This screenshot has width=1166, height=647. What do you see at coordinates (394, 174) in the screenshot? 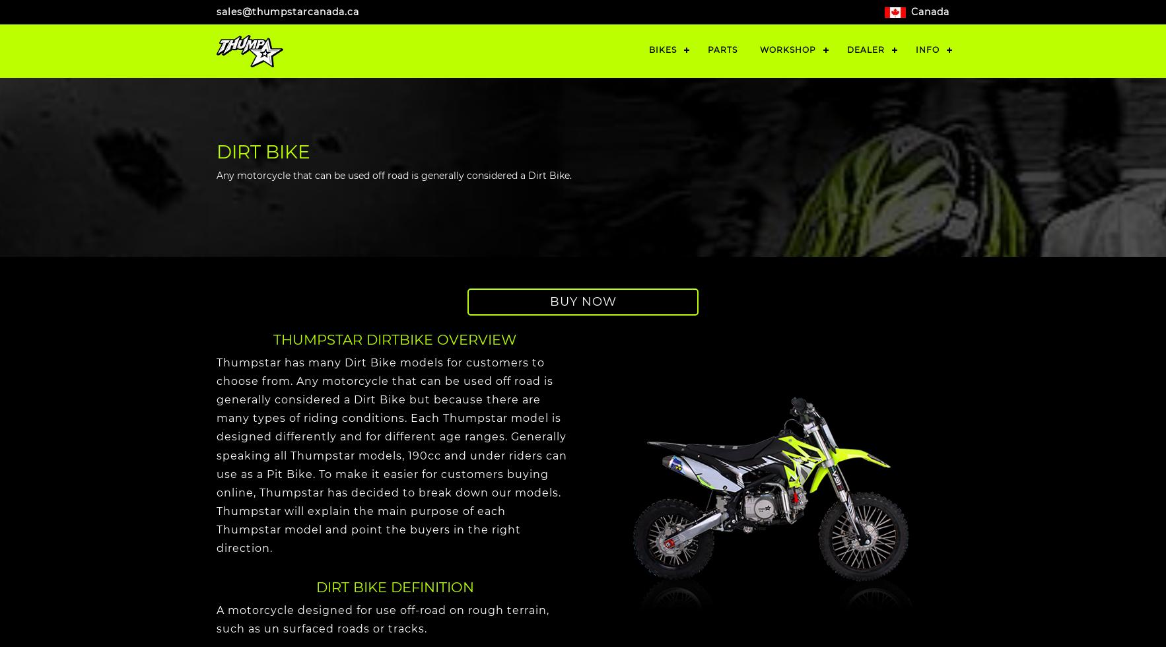
I see `'Any motorcycle that can be used off road is generally considered a Dirt Bike.'` at bounding box center [394, 174].